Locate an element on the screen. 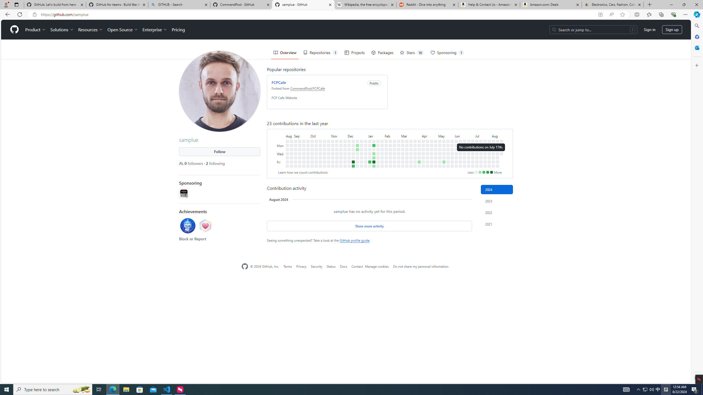 Image resolution: width=703 pixels, height=395 pixels. 'No contributions on March 25th.' is located at coordinates (415, 145).